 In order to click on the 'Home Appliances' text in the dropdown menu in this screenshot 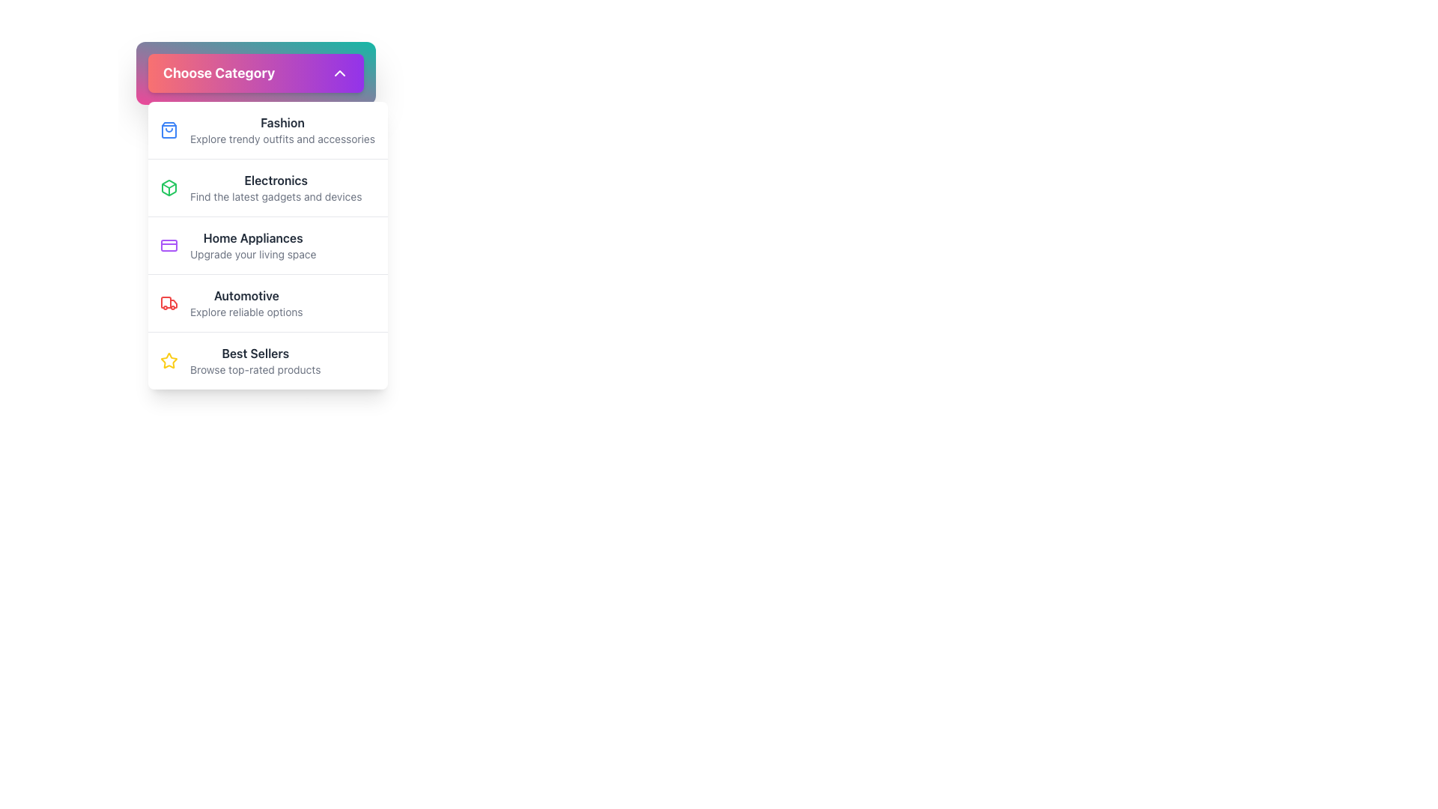, I will do `click(252, 244)`.